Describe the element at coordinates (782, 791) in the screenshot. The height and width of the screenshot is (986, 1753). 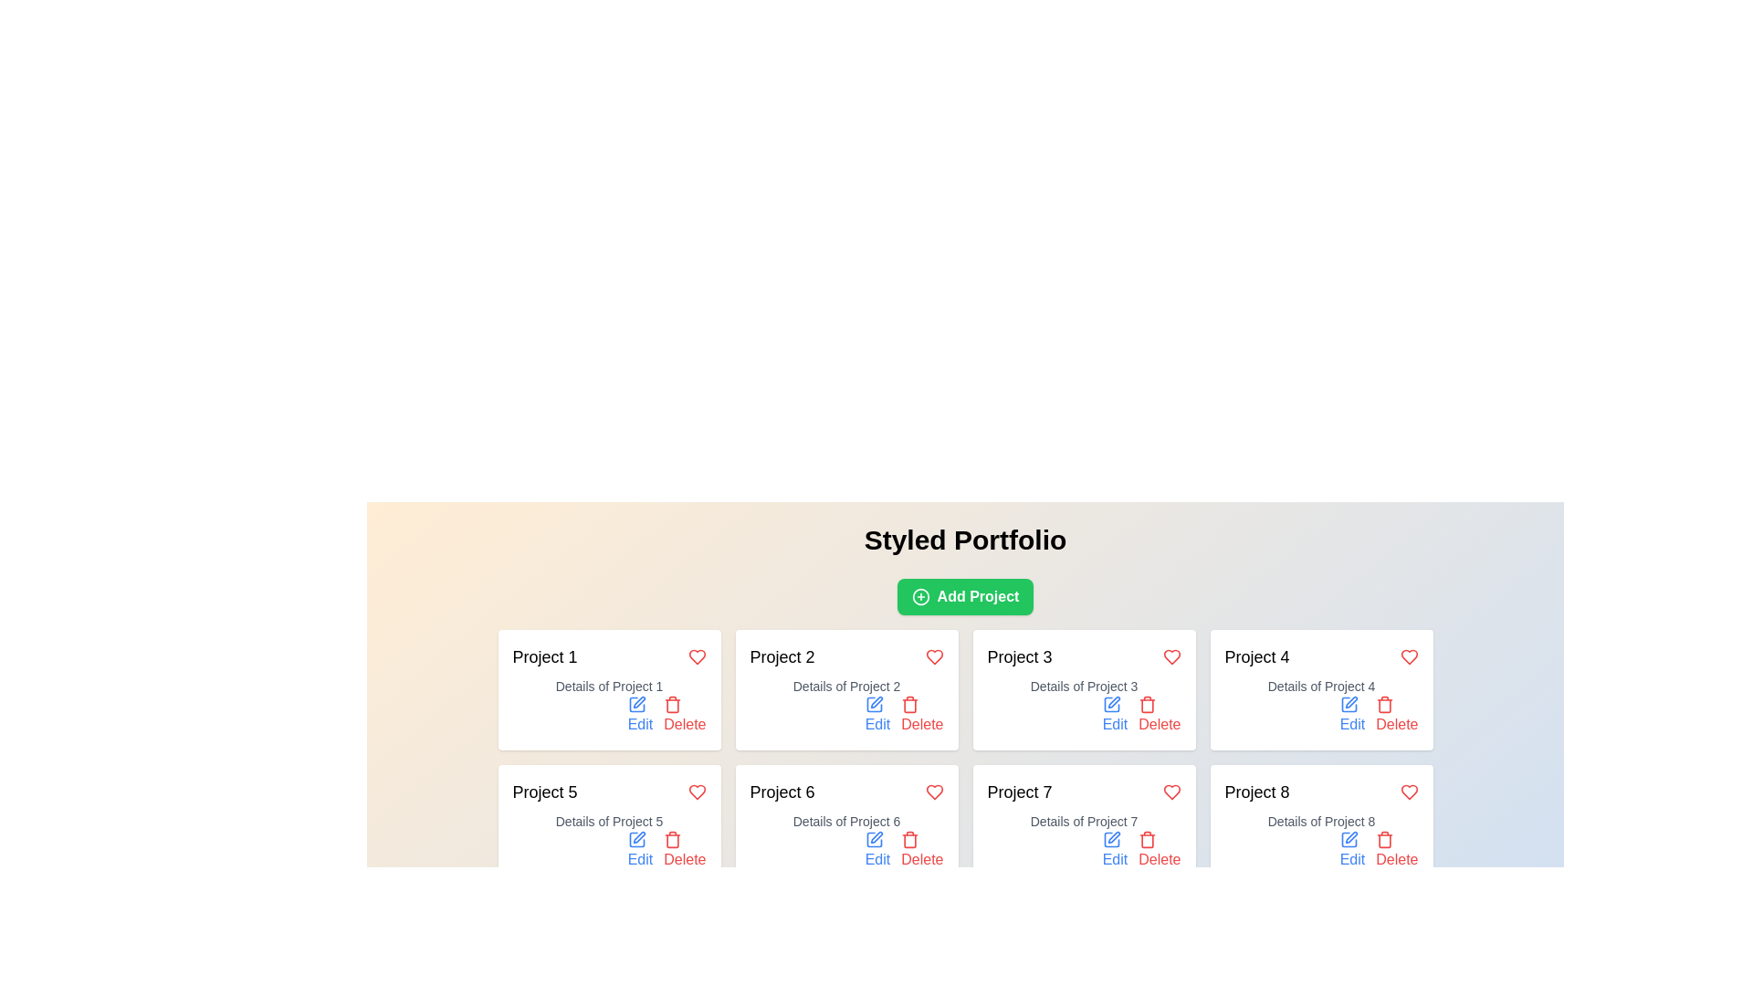
I see `the text label displaying 'Project 6', which is located inside a card component in the second row and first column of the project grid` at that location.